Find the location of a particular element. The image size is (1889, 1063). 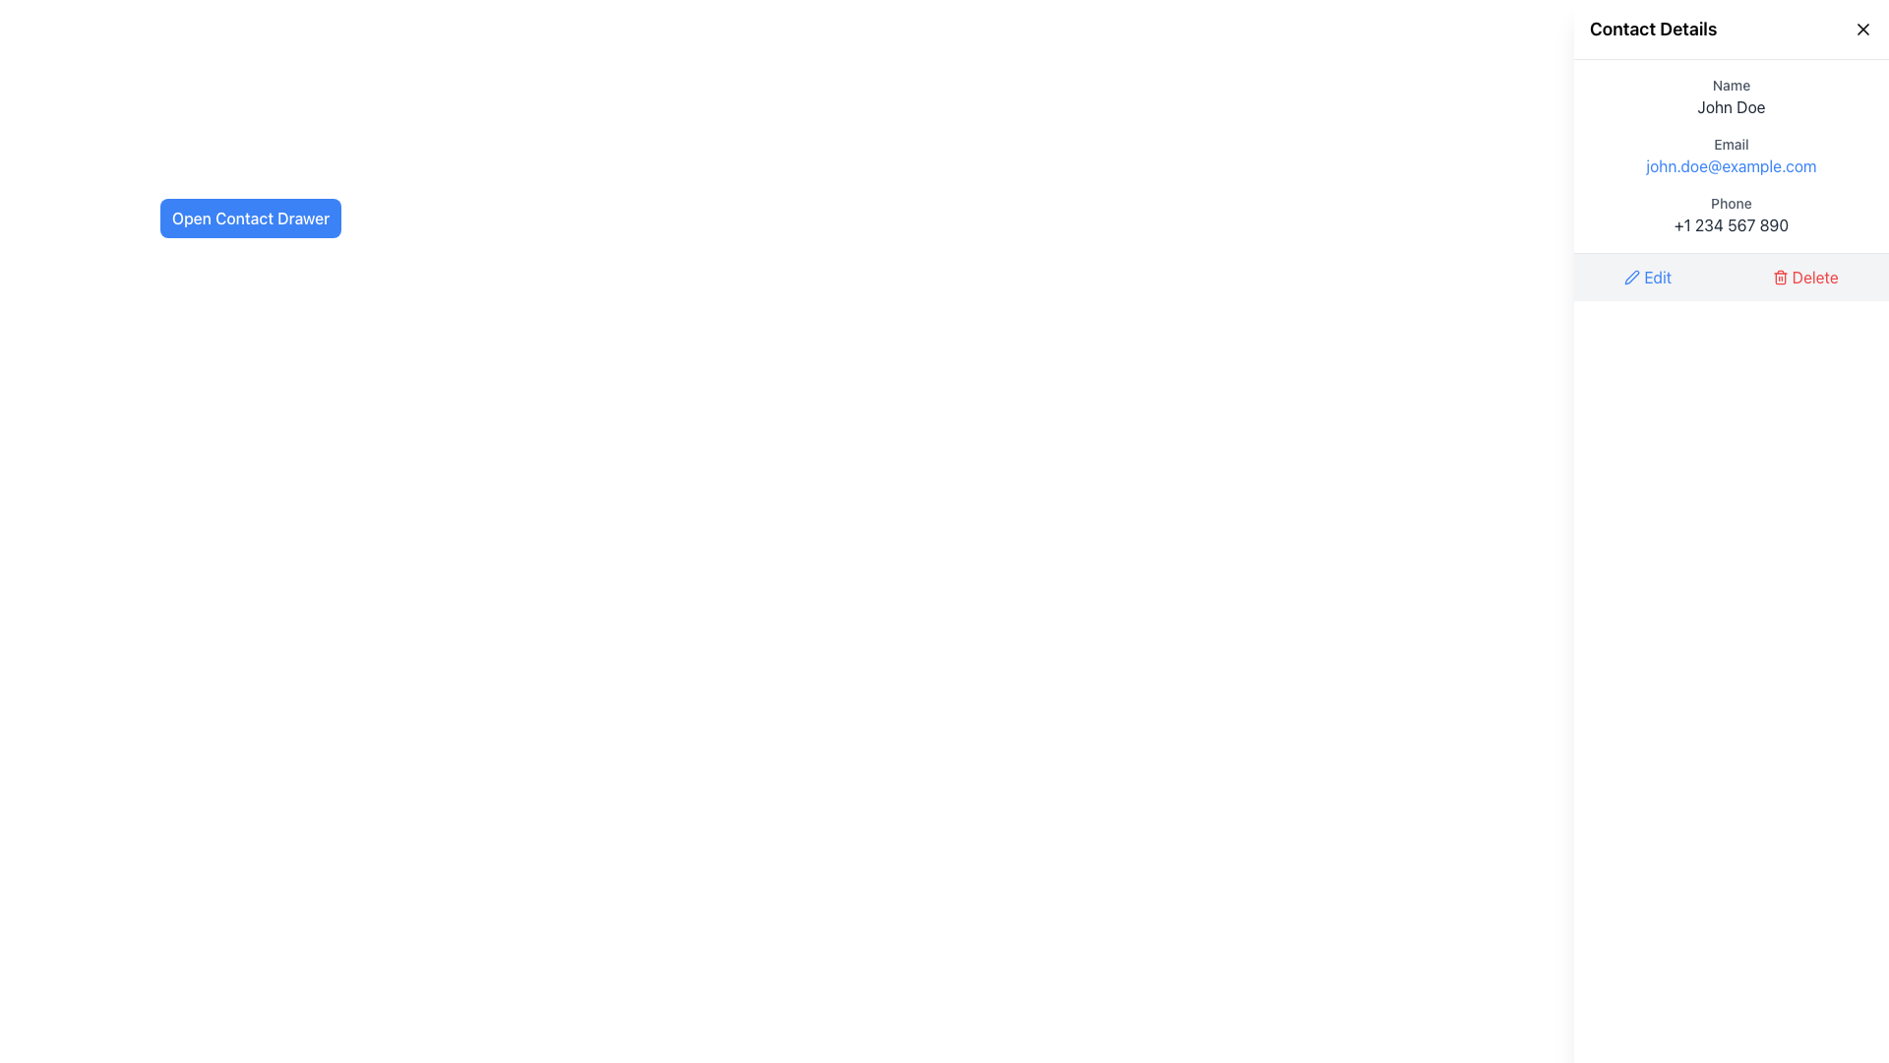

the 'Phone' text label, which is located in the right-side 'Contact Details' panel, above the phone number '+1 234 567 890' is located at coordinates (1732, 204).